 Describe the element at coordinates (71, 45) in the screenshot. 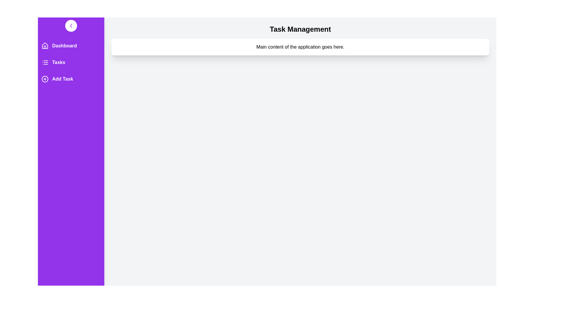

I see `the 'Dashboard' menu item in the sidebar` at that location.